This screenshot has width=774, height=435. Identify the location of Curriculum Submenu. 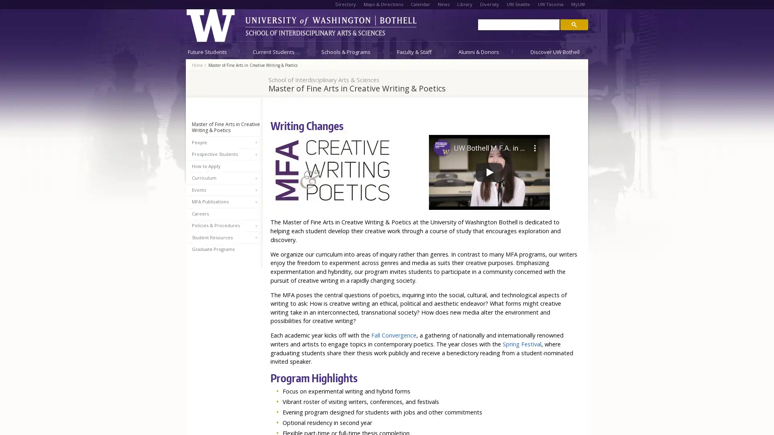
(256, 178).